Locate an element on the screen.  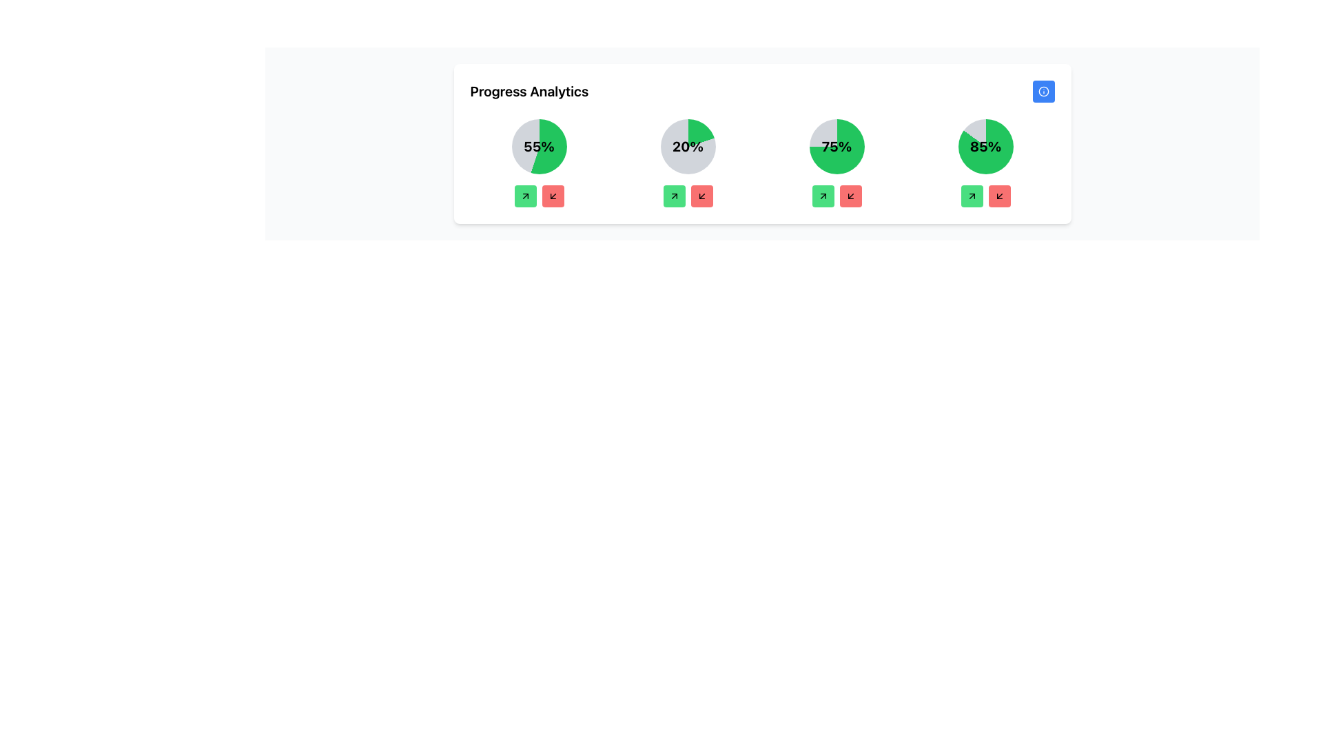
the second button at the bottom of the fourth progress analytics gauge (85%) on the far right to interact further is located at coordinates (998, 196).